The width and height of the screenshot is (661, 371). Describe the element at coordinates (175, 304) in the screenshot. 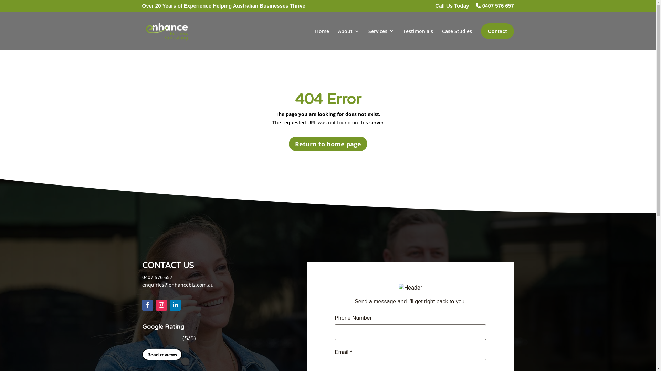

I see `'Follow on LinkedIn'` at that location.